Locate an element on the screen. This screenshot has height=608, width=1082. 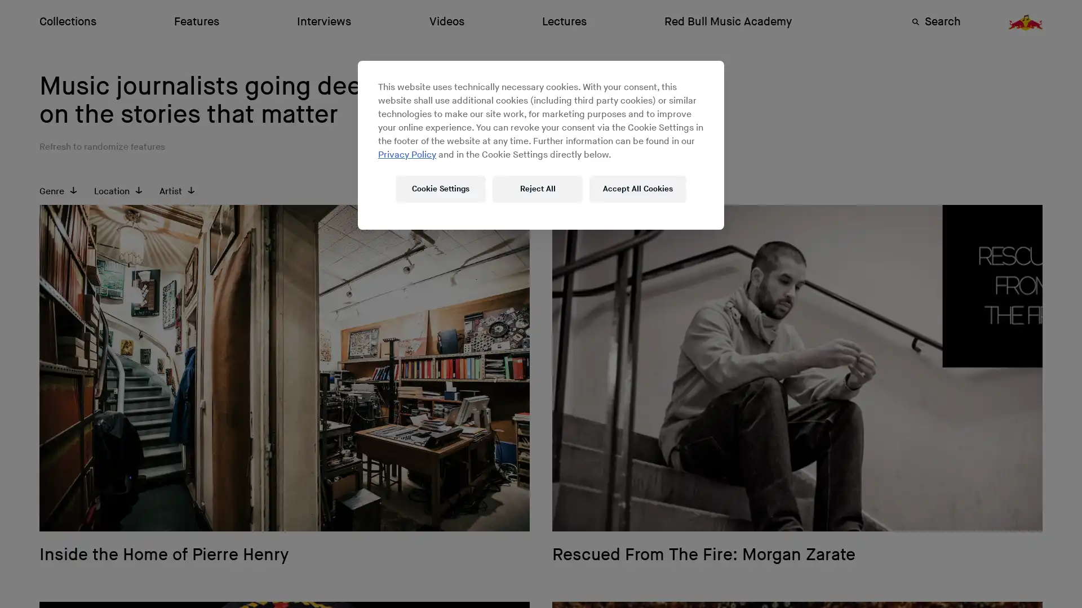
Location is located at coordinates (118, 190).